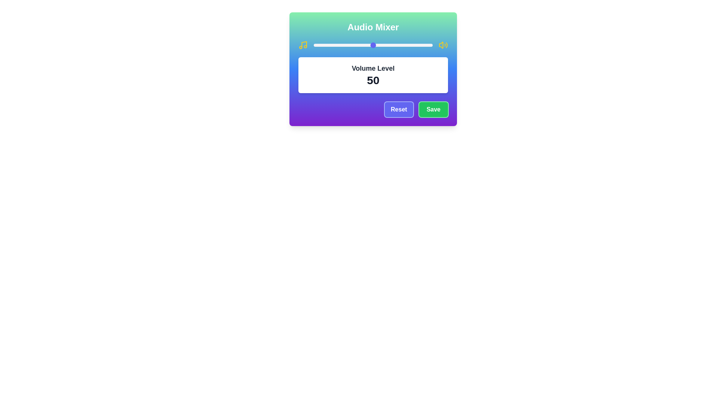 The width and height of the screenshot is (718, 404). Describe the element at coordinates (373, 75) in the screenshot. I see `the Label displaying 'Volume Level' and the number '50' within the 'Audio Mixer' interface` at that location.